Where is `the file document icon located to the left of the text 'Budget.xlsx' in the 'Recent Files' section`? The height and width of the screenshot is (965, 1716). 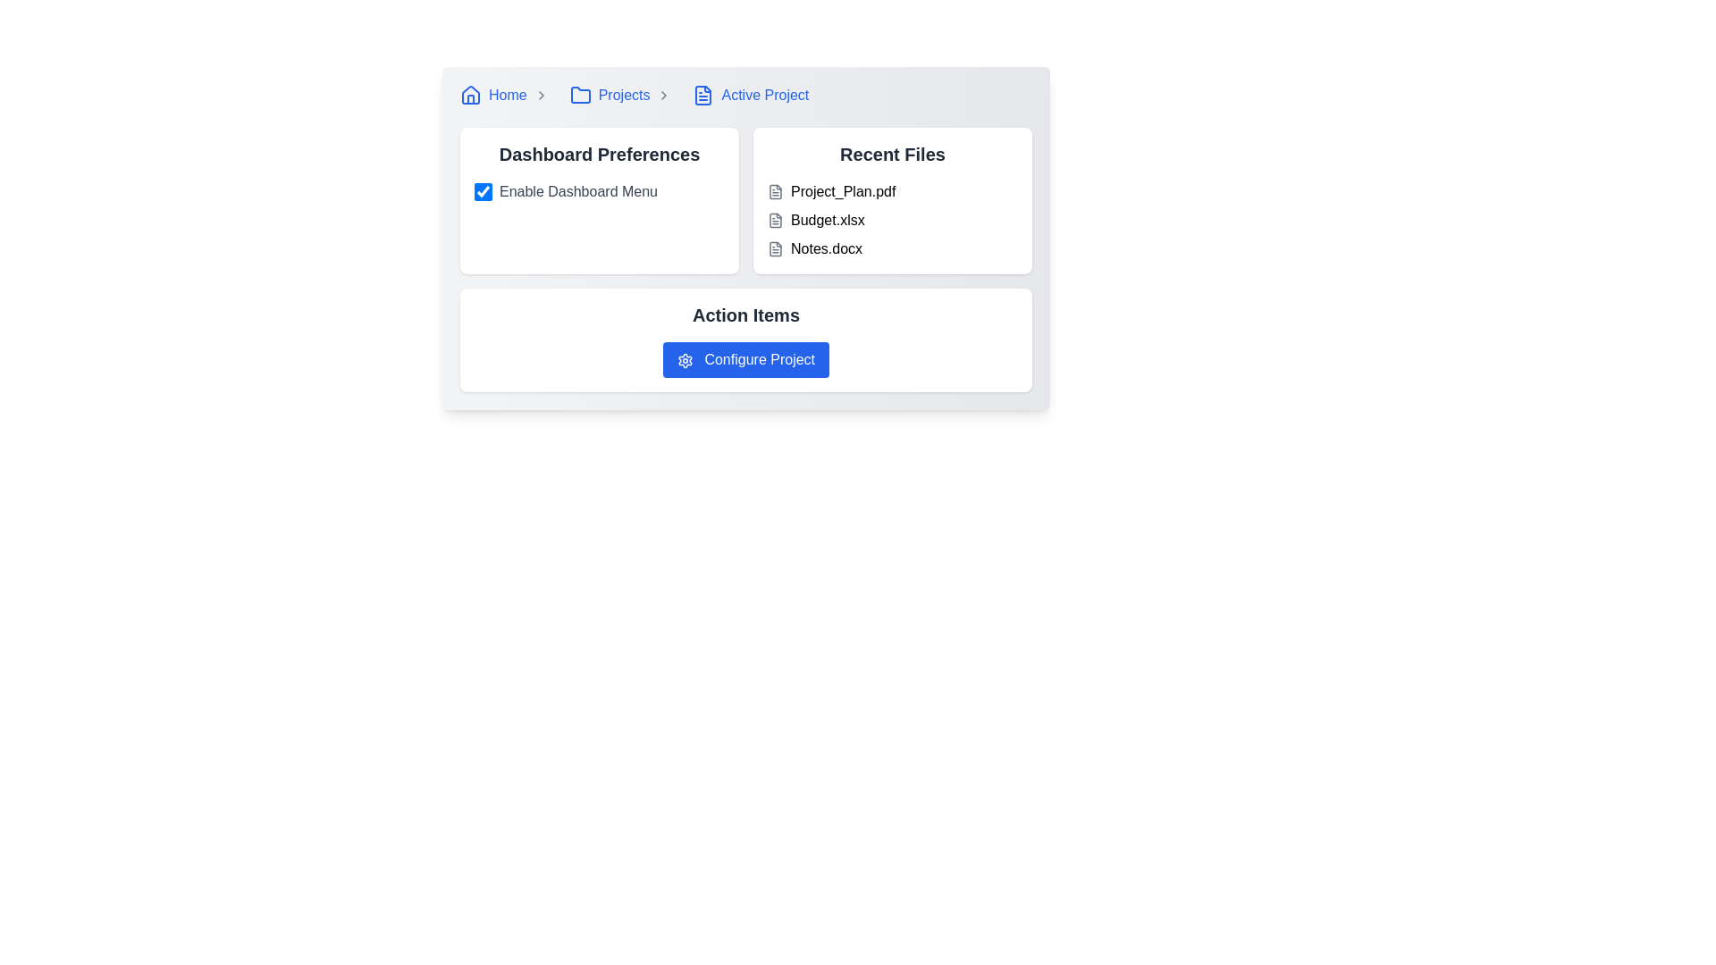
the file document icon located to the left of the text 'Budget.xlsx' in the 'Recent Files' section is located at coordinates (776, 219).